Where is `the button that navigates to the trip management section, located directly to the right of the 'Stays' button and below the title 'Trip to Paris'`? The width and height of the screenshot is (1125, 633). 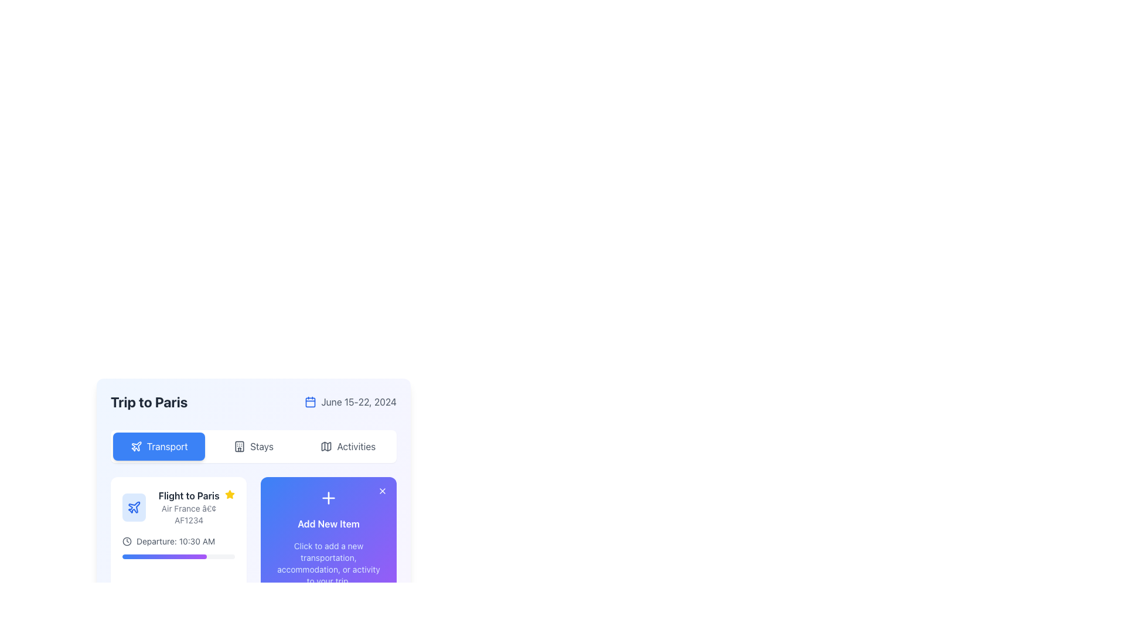 the button that navigates to the trip management section, located directly to the right of the 'Stays' button and below the title 'Trip to Paris' is located at coordinates (347, 447).